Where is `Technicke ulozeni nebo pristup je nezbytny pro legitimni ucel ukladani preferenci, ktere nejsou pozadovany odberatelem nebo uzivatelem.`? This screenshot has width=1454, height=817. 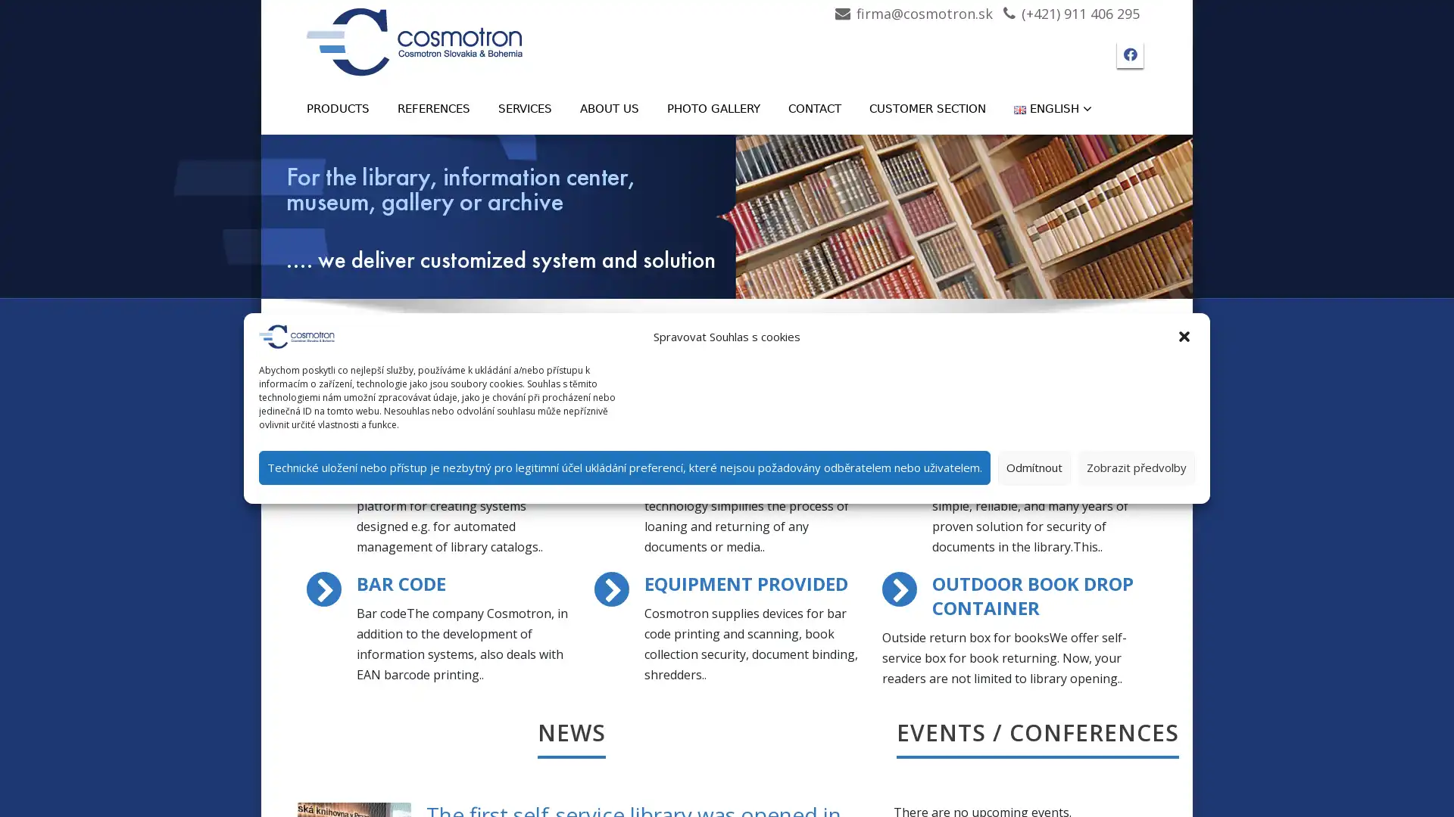 Technicke ulozeni nebo pristup je nezbytny pro legitimni ucel ukladani preferenci, ktere nejsou pozadovany odberatelem nebo uzivatelem. is located at coordinates (625, 466).